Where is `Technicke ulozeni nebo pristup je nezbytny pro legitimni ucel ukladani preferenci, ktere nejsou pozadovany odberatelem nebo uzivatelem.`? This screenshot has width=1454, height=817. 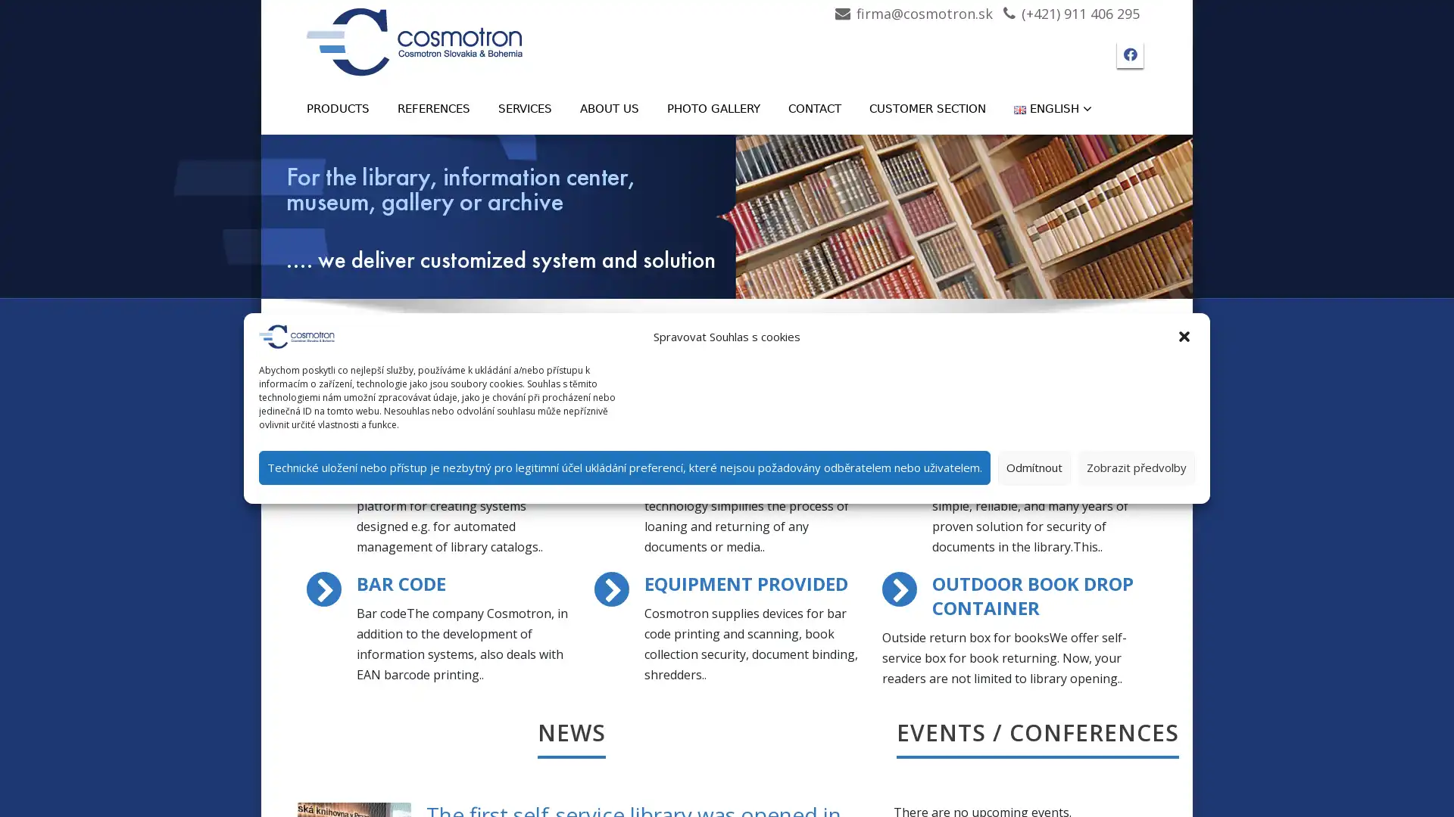 Technicke ulozeni nebo pristup je nezbytny pro legitimni ucel ukladani preferenci, ktere nejsou pozadovany odberatelem nebo uzivatelem. is located at coordinates (625, 466).